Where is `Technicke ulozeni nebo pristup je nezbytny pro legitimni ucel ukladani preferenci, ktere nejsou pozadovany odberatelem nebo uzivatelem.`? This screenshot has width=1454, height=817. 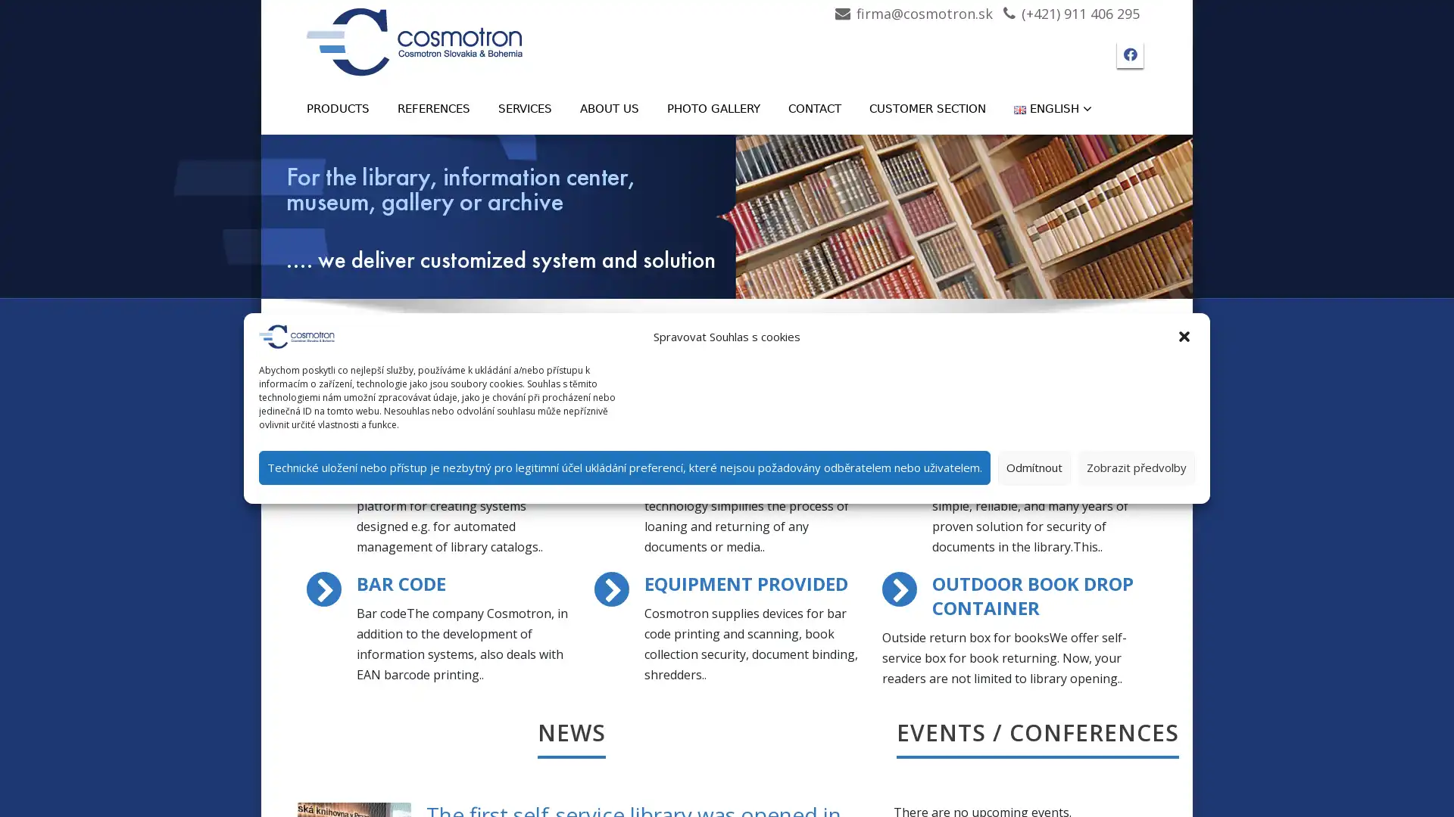 Technicke ulozeni nebo pristup je nezbytny pro legitimni ucel ukladani preferenci, ktere nejsou pozadovany odberatelem nebo uzivatelem. is located at coordinates (625, 466).